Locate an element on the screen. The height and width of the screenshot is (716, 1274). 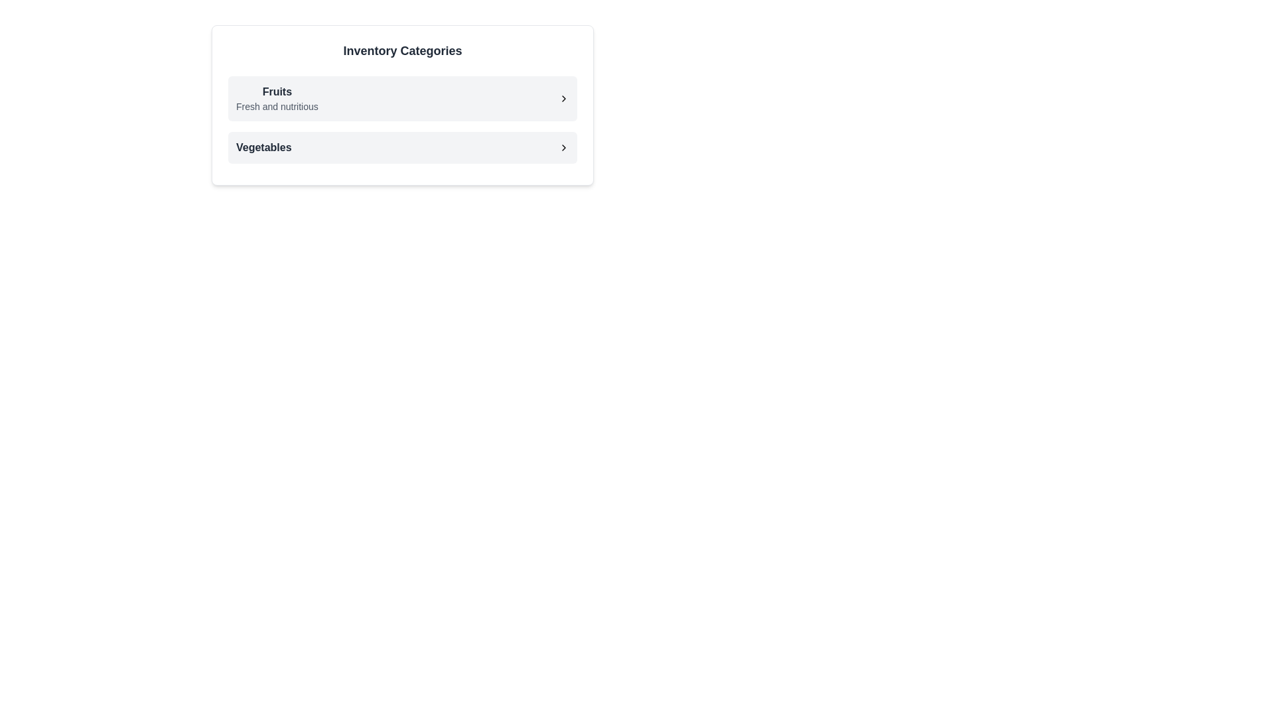
the text label displaying 'Fresh and nutritious' located directly below the bold title 'Fruits' in the 'Inventory Categories' section is located at coordinates (276, 106).